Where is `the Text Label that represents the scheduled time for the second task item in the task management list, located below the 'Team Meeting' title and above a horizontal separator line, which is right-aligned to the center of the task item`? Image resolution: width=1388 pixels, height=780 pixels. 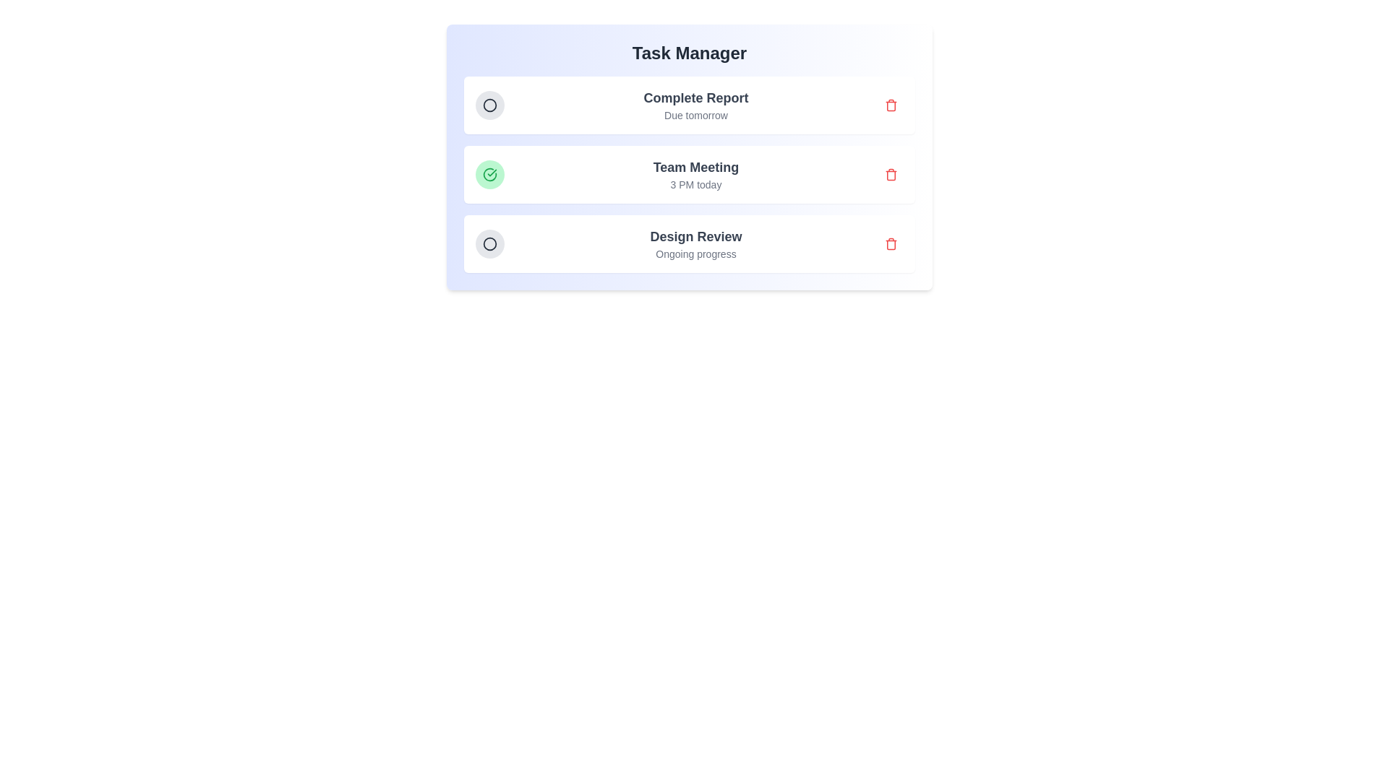
the Text Label that represents the scheduled time for the second task item in the task management list, located below the 'Team Meeting' title and above a horizontal separator line, which is right-aligned to the center of the task item is located at coordinates (696, 183).